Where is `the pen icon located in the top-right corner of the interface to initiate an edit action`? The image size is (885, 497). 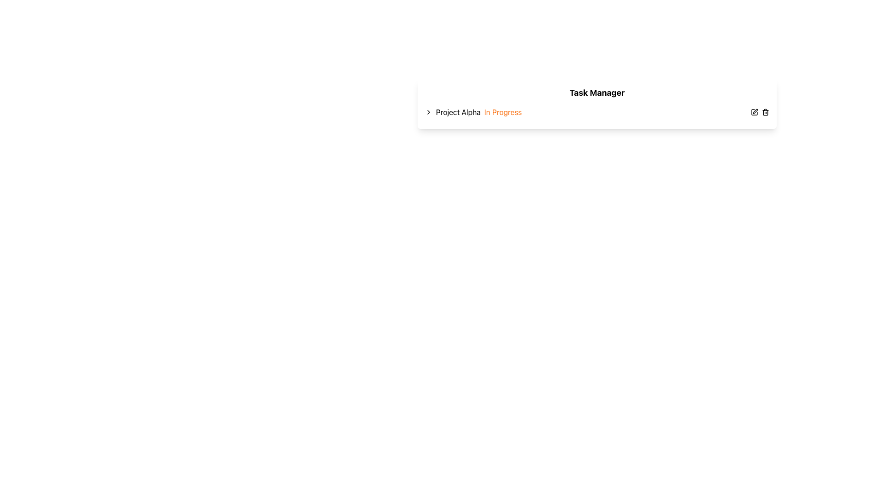
the pen icon located in the top-right corner of the interface to initiate an edit action is located at coordinates (755, 111).